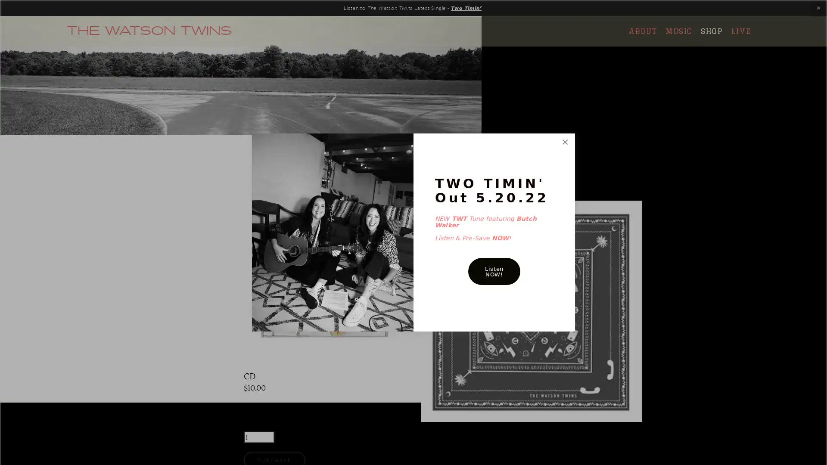 The width and height of the screenshot is (827, 465). Describe the element at coordinates (531, 310) in the screenshot. I see `QUICK VIEW` at that location.